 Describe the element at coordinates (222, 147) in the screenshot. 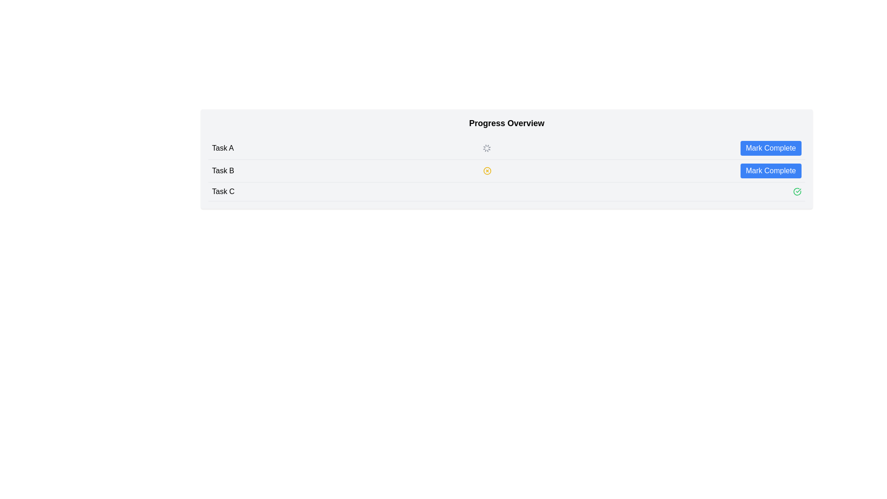

I see `the Text label that represents Task A, which is the first item in its row, to focus on or select it` at that location.